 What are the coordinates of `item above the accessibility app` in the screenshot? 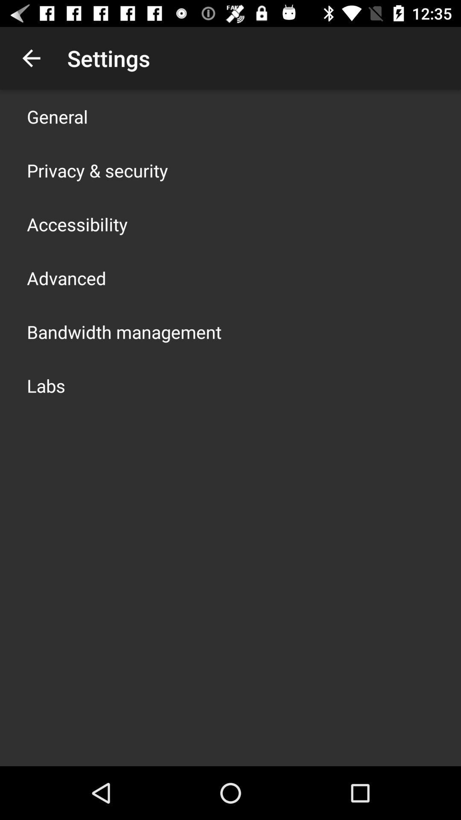 It's located at (97, 170).